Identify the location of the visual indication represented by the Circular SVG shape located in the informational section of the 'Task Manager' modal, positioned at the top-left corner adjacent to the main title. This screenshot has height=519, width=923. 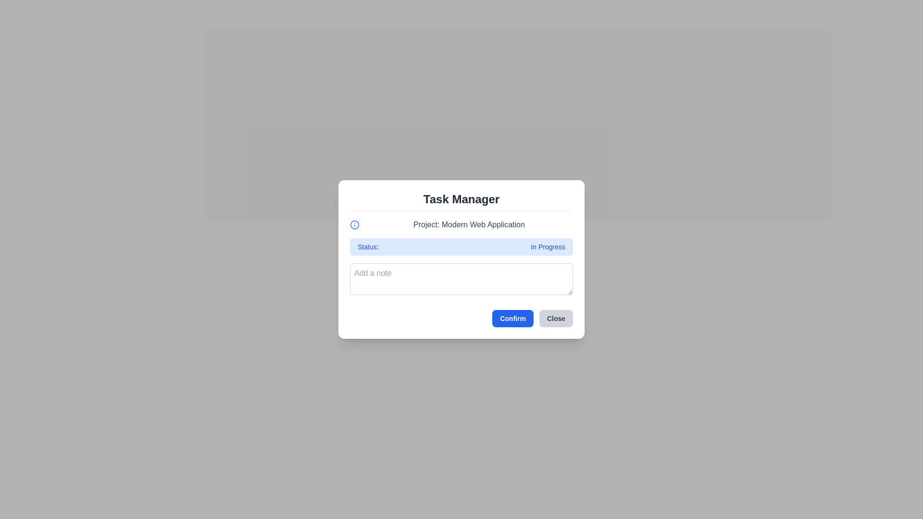
(354, 224).